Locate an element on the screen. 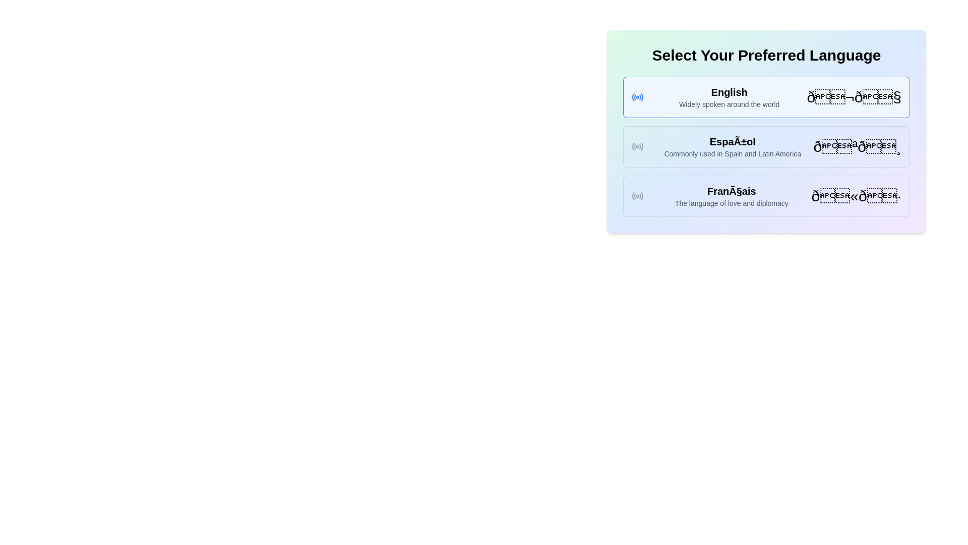  the descriptive text label providing context about the French language, located below the bold title 'Français' is located at coordinates (732, 203).